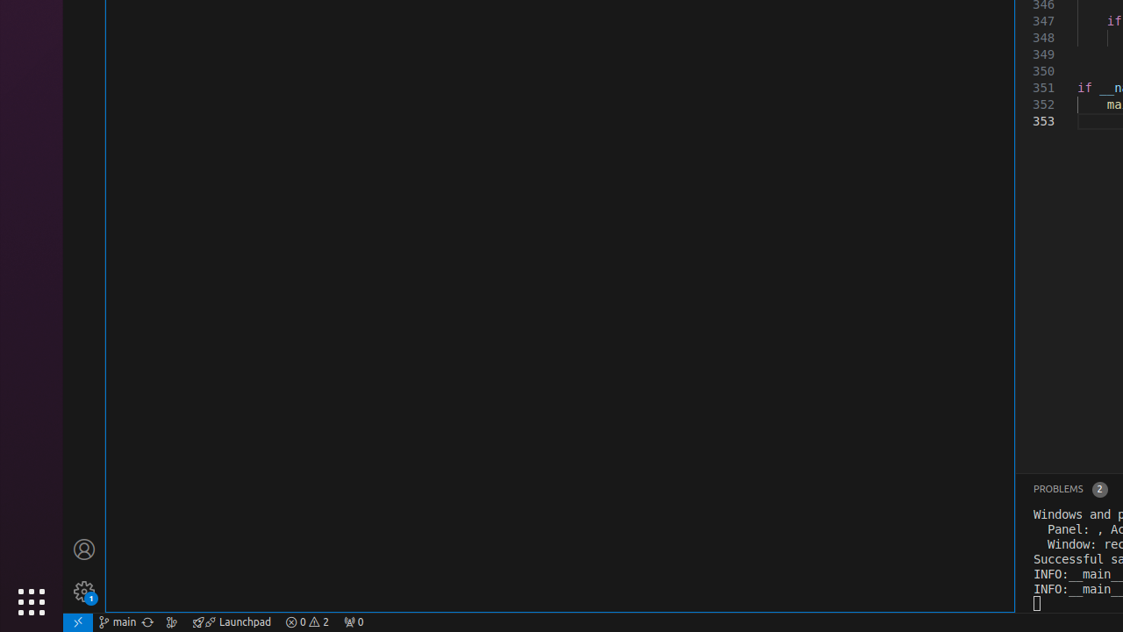  I want to click on 'OSWorld (Git) - main, Checkout Branch/Tag...', so click(117, 621).